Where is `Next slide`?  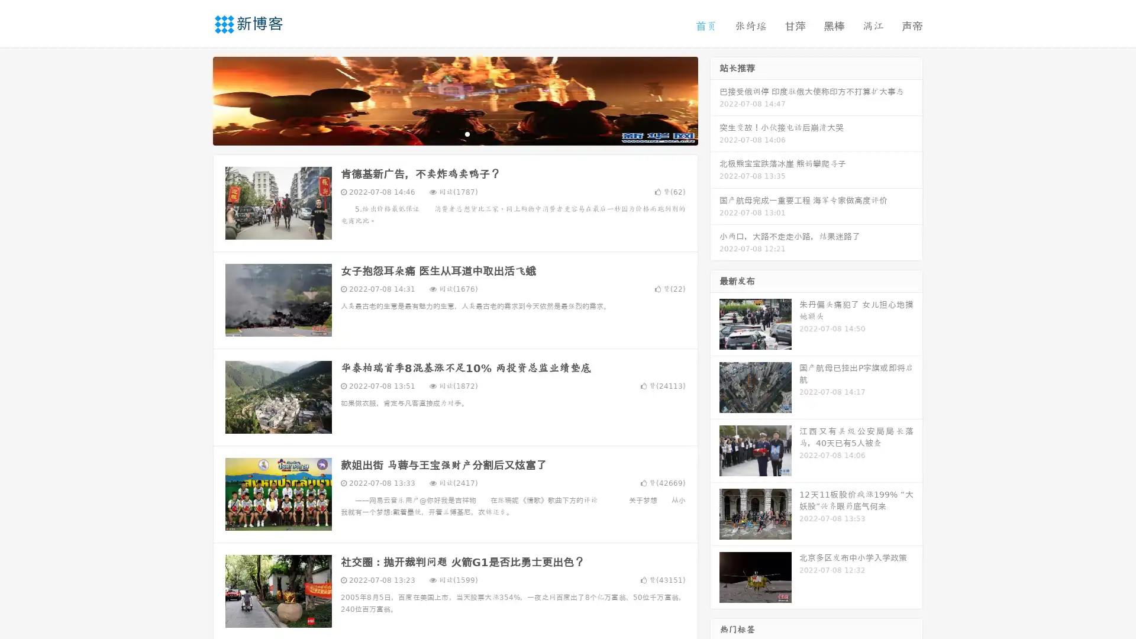 Next slide is located at coordinates (715, 99).